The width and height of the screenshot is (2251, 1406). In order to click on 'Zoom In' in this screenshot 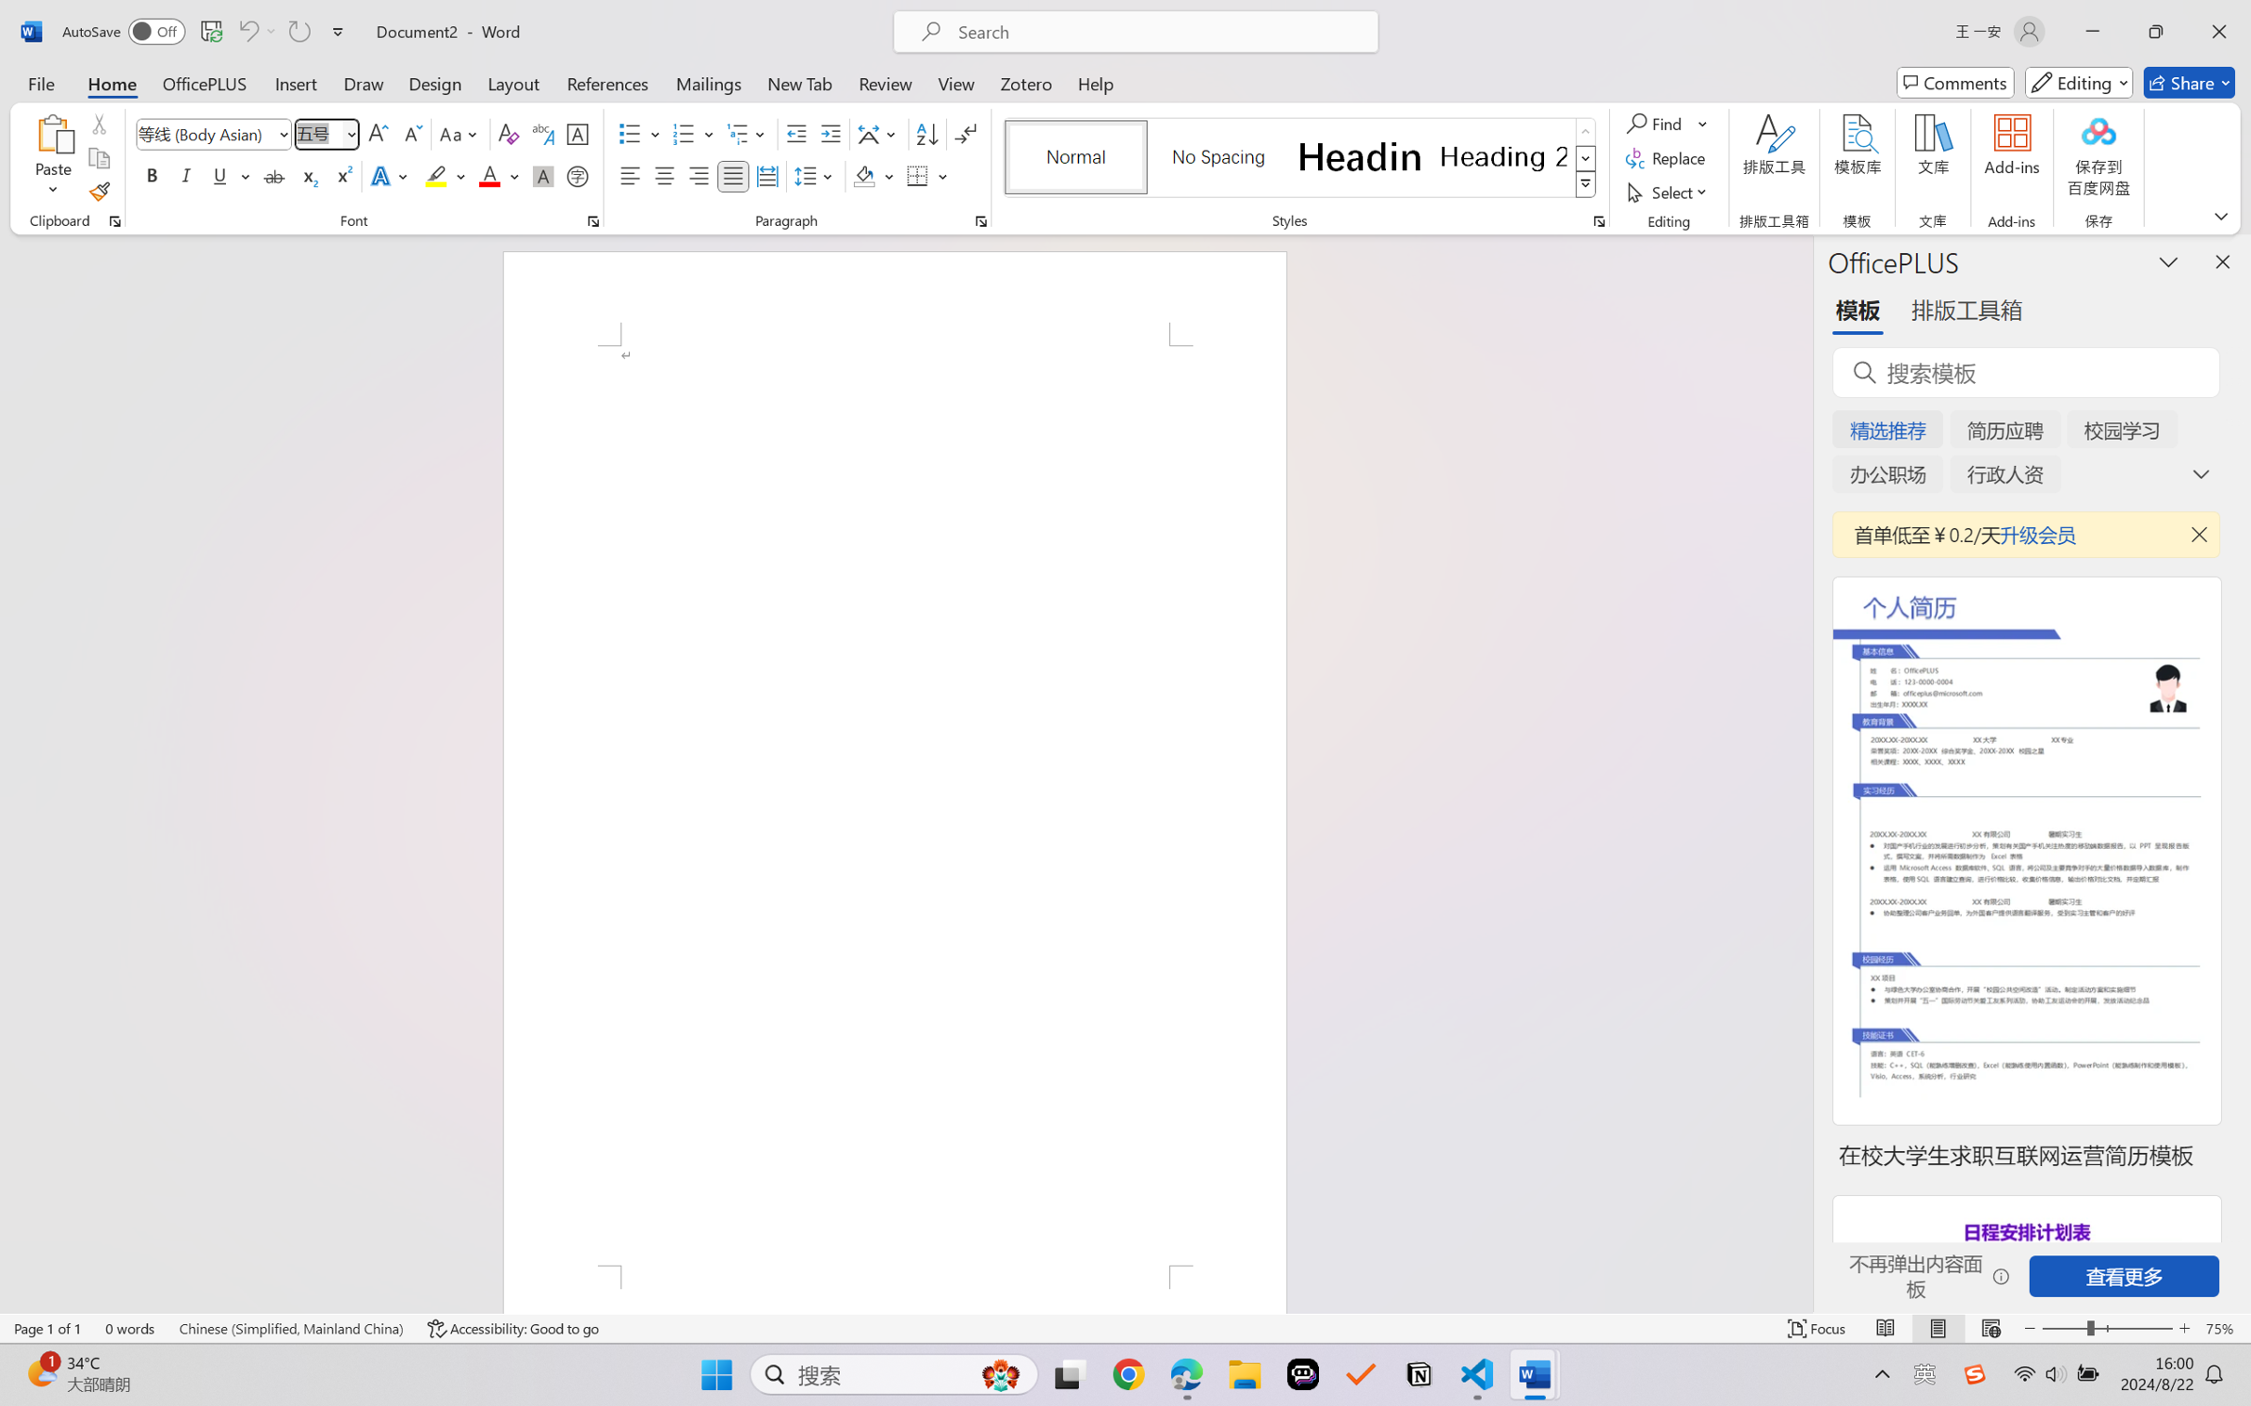, I will do `click(2184, 1328)`.